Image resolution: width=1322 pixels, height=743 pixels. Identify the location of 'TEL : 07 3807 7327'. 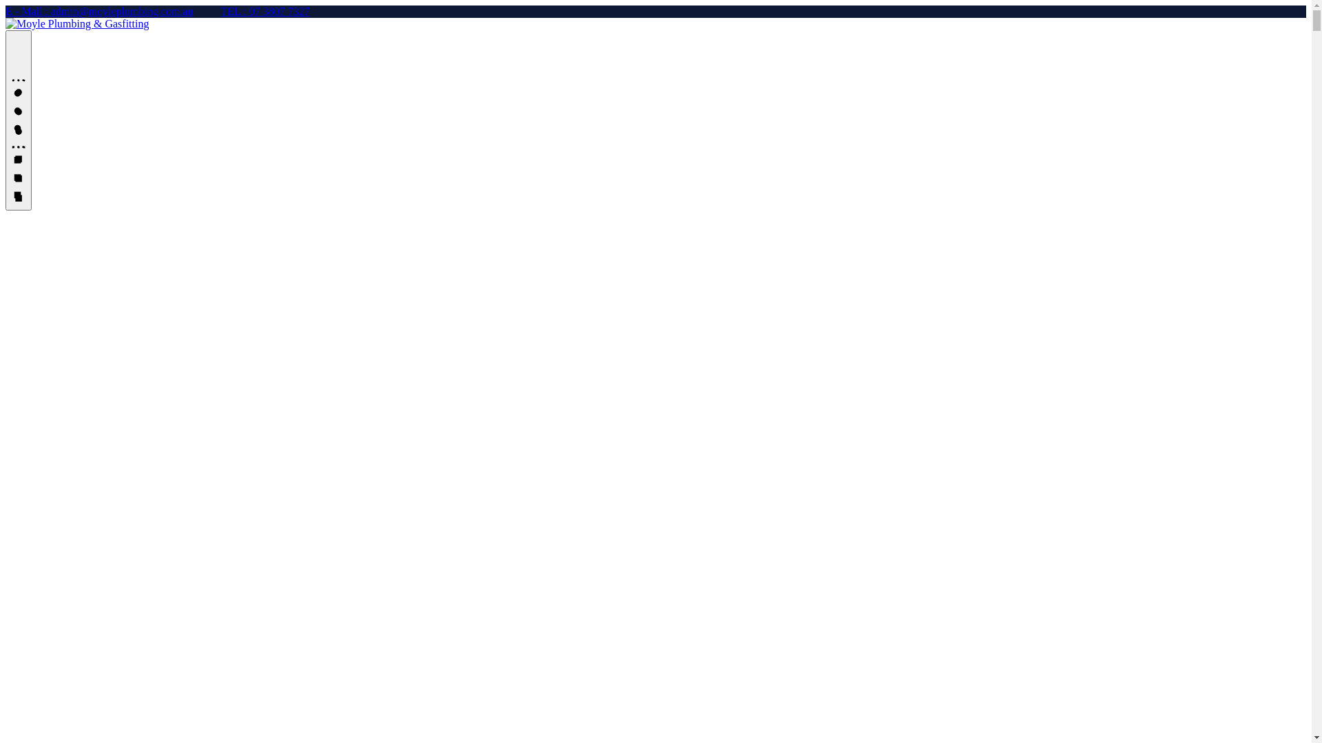
(220, 11).